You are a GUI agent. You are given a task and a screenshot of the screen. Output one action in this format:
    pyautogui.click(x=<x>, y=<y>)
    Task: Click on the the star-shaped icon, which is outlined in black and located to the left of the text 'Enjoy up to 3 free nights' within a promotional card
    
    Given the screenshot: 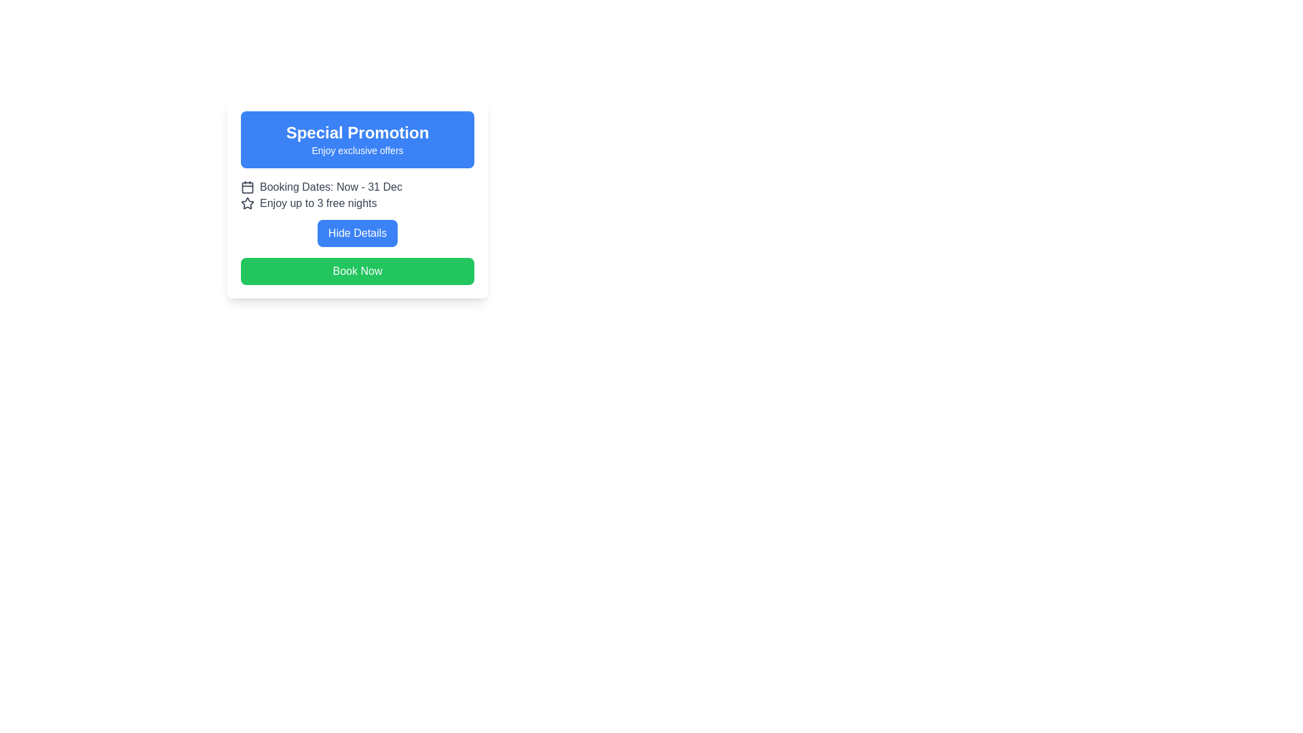 What is the action you would take?
    pyautogui.click(x=247, y=204)
    